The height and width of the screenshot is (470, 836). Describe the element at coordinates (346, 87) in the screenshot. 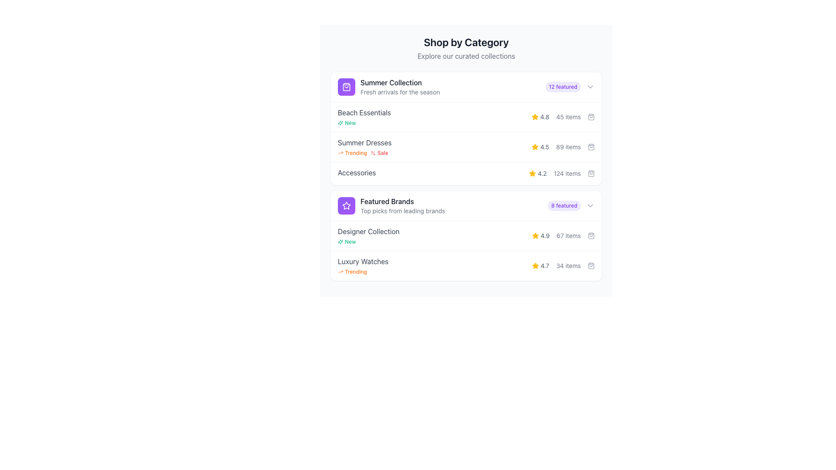

I see `the decorative icon representing the 'Summer Collection' category located in the top left of the 'Summer Collection' card in the 'Shop by Category' section` at that location.